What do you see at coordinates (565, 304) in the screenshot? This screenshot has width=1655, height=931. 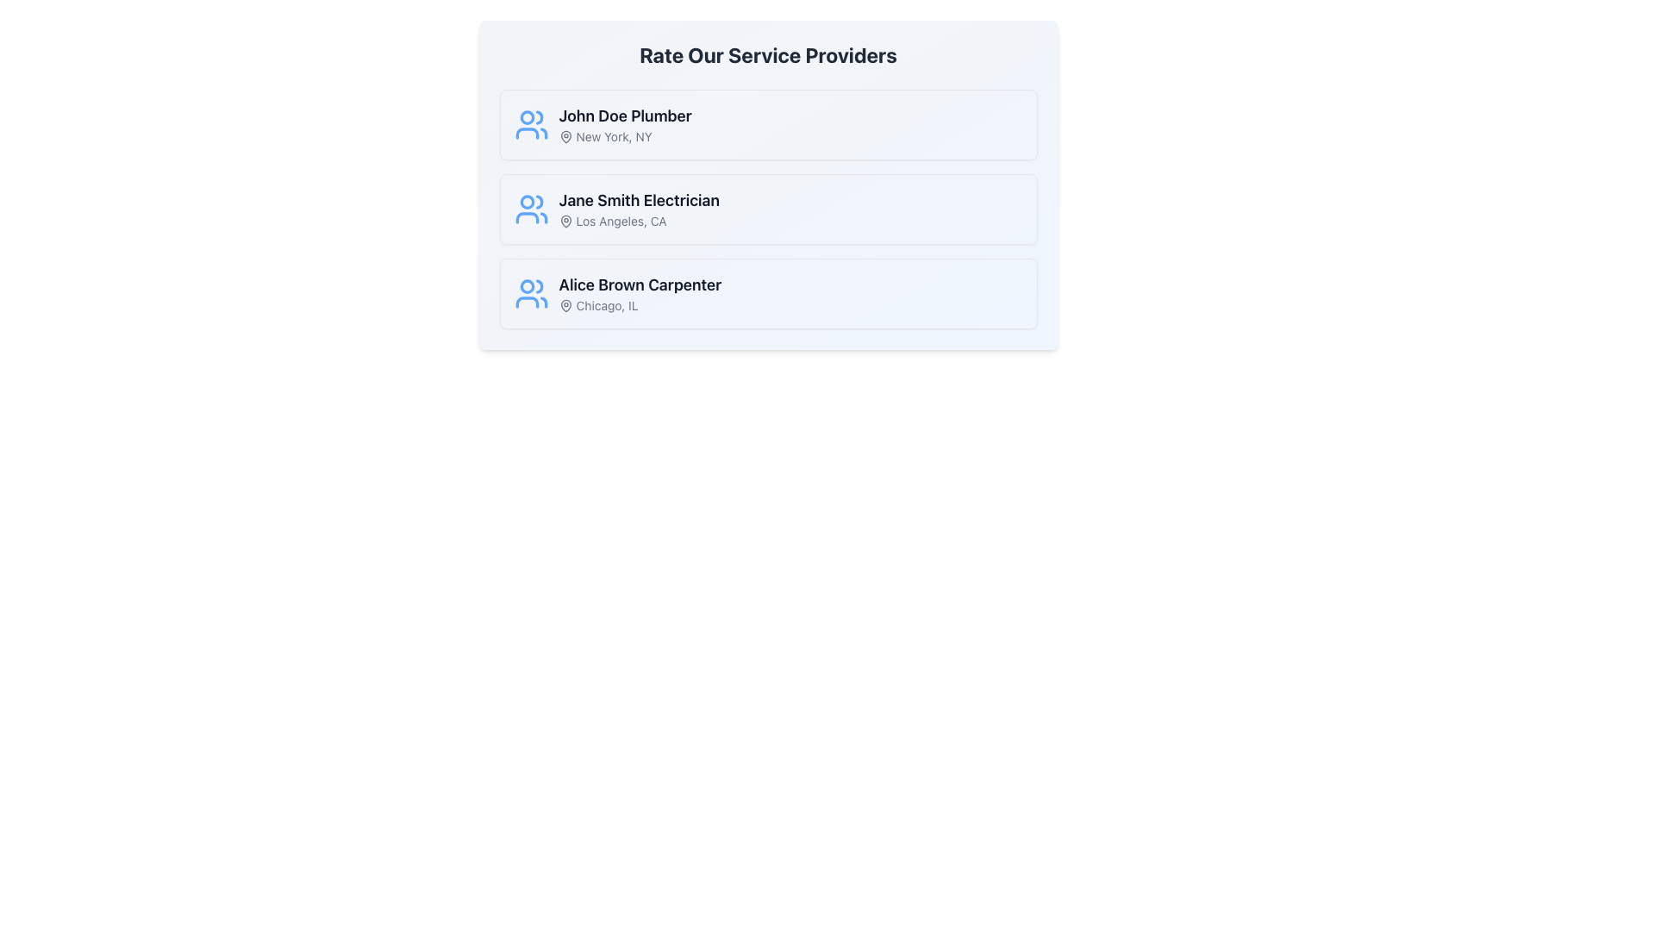 I see `the location icon representing 'Alice Brown Carpenter' adjacent to the text 'Chicago, IL' in the map section` at bounding box center [565, 304].